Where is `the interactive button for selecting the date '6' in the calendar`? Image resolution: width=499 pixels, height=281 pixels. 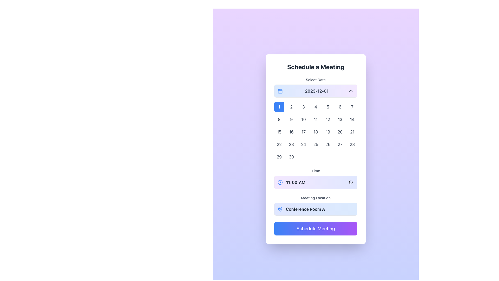 the interactive button for selecting the date '6' in the calendar is located at coordinates (340, 107).